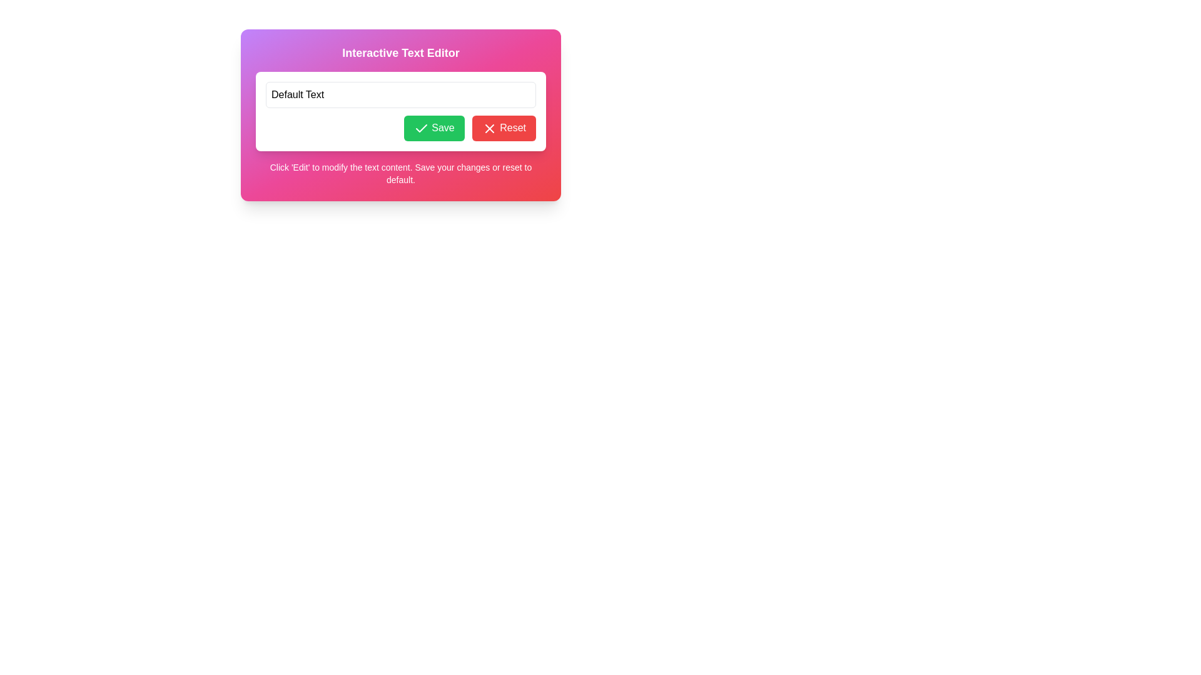 This screenshot has height=675, width=1201. Describe the element at coordinates (401, 173) in the screenshot. I see `the instructional tooltip text display located at the bottom of the 'Interactive Text Editor' card, which describes the functionality of the interactive components above it` at that location.